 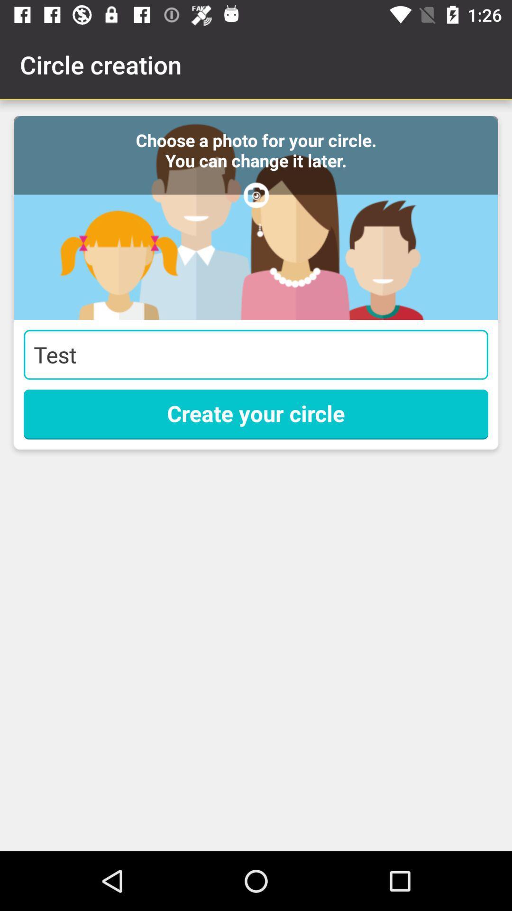 What do you see at coordinates (256, 354) in the screenshot?
I see `the test item` at bounding box center [256, 354].